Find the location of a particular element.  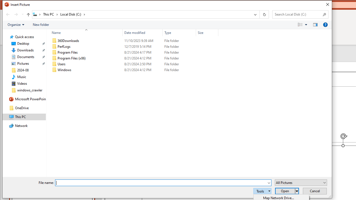

'Command Module' is located at coordinates (167, 24).